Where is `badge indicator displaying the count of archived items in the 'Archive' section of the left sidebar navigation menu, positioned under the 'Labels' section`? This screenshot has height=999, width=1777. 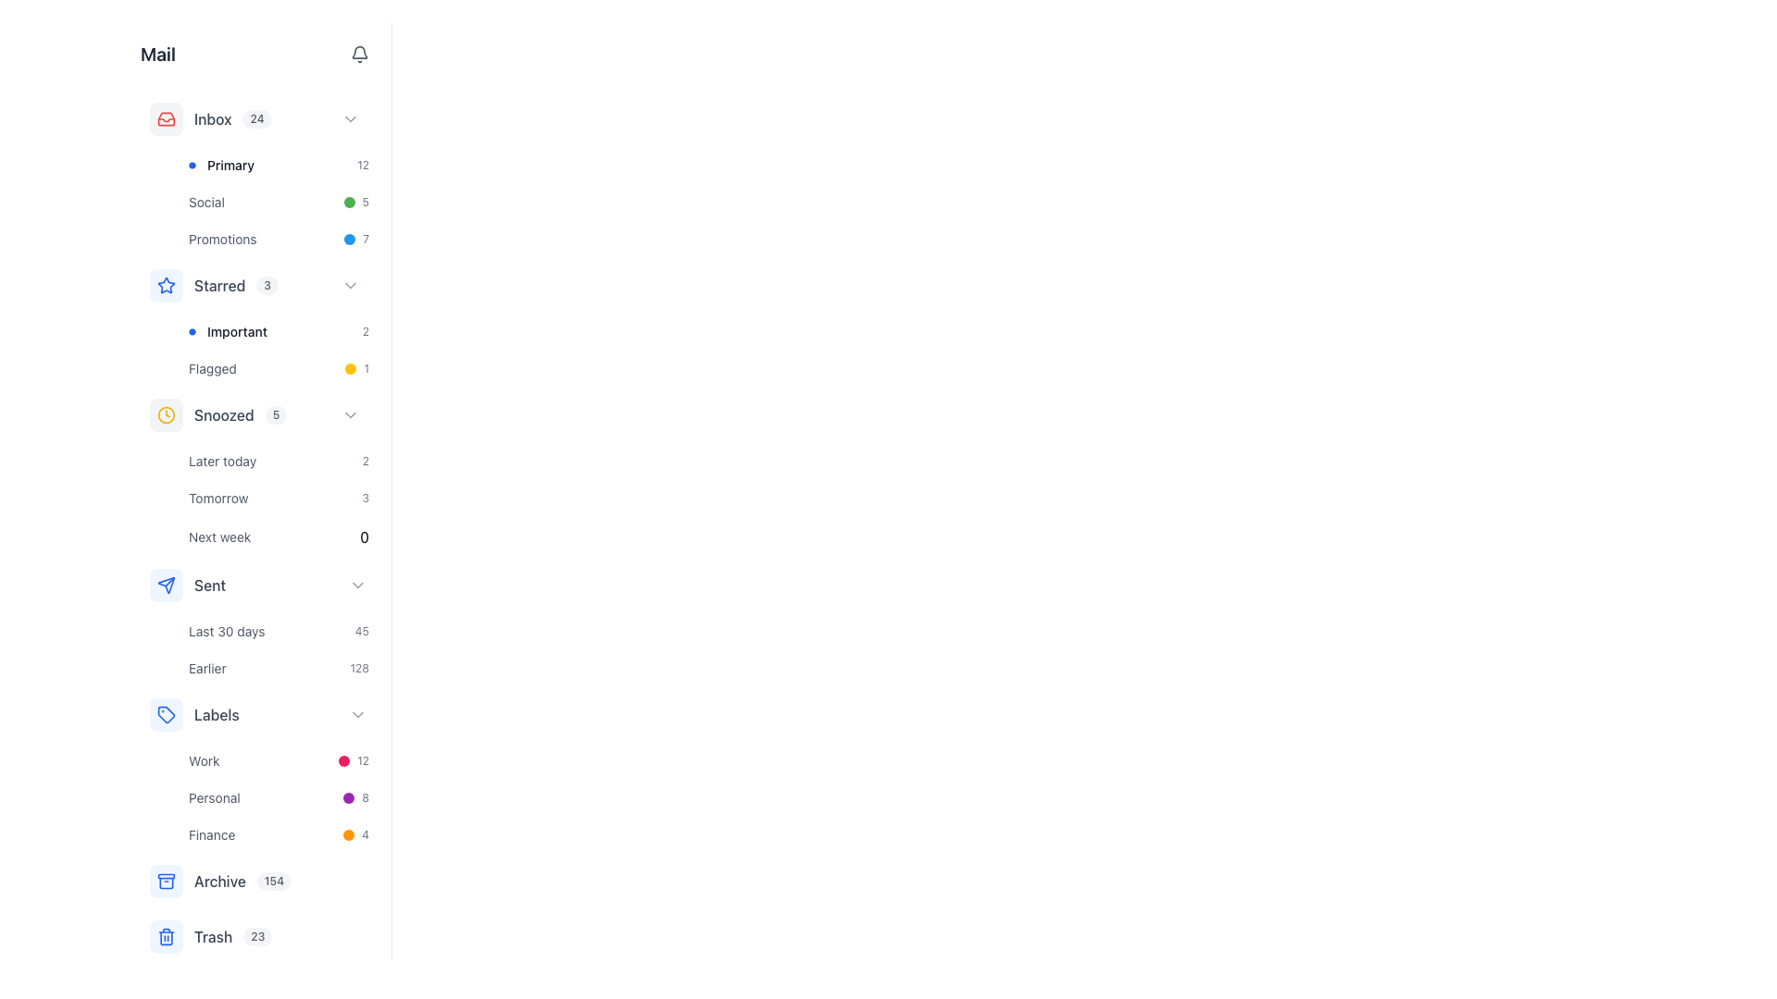 badge indicator displaying the count of archived items in the 'Archive' section of the left sidebar navigation menu, positioned under the 'Labels' section is located at coordinates (242, 880).